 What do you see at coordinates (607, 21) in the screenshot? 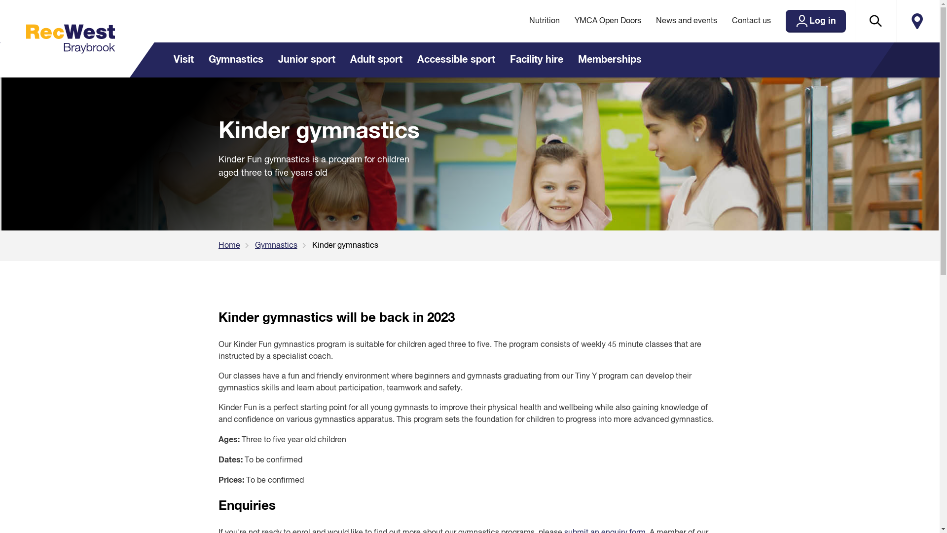
I see `'YMCA Open Doors'` at bounding box center [607, 21].